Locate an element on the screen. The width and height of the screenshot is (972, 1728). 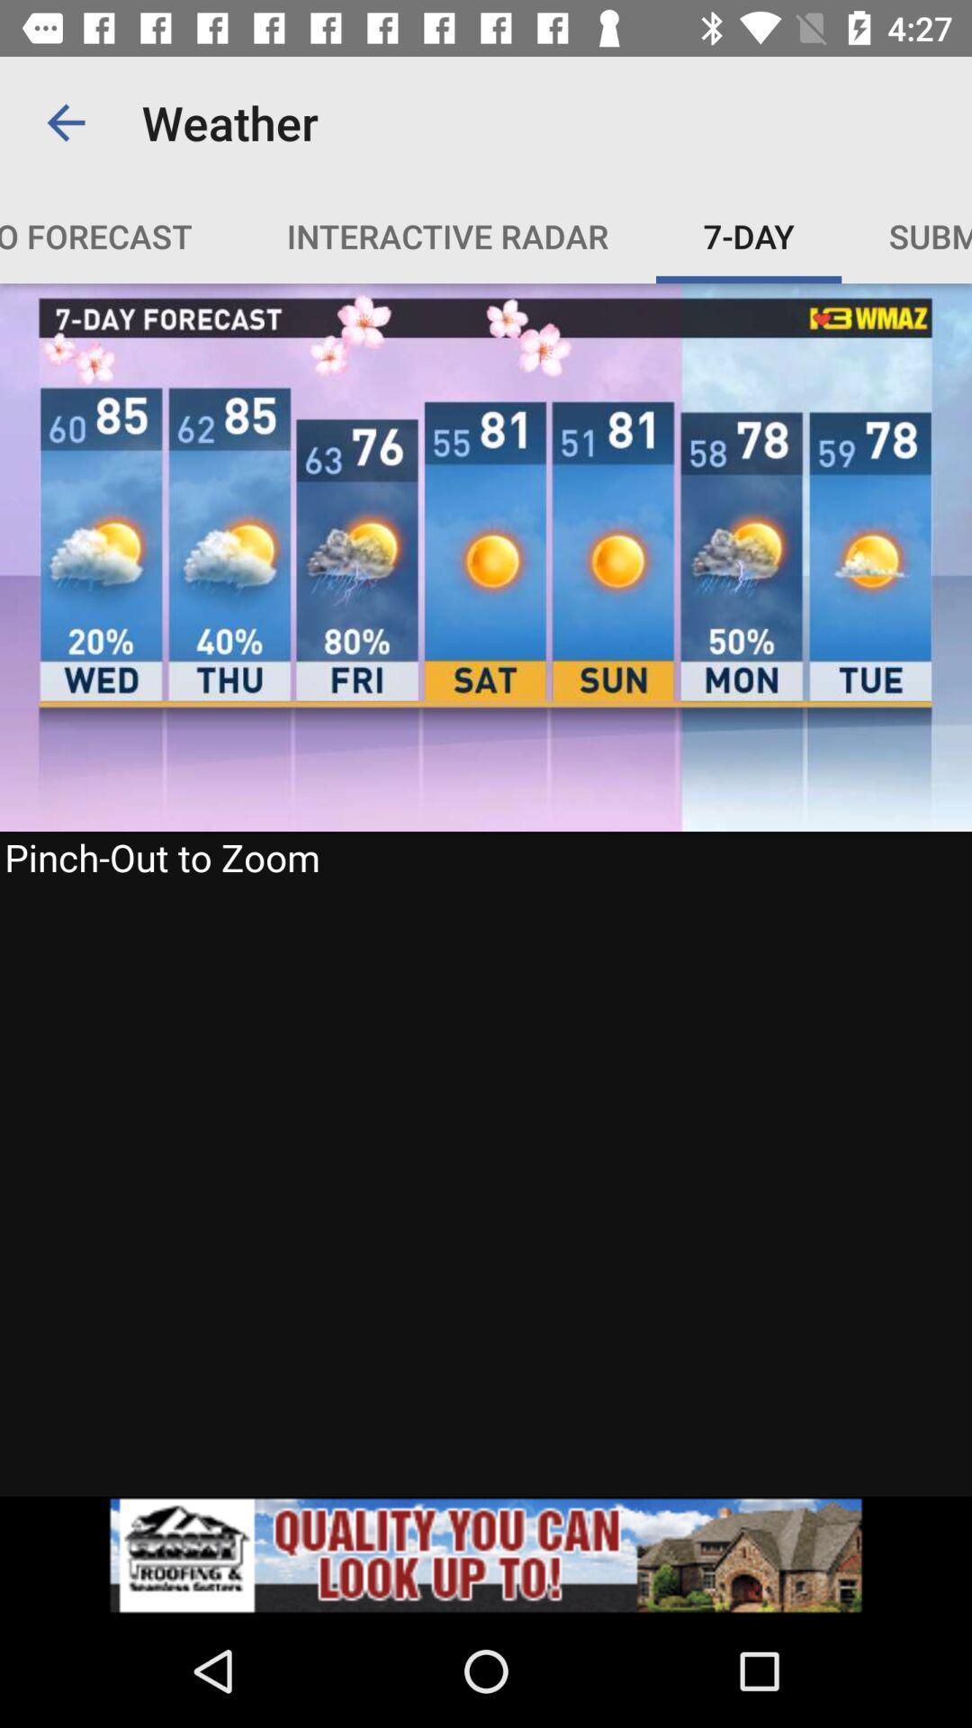
weather is located at coordinates (486, 889).